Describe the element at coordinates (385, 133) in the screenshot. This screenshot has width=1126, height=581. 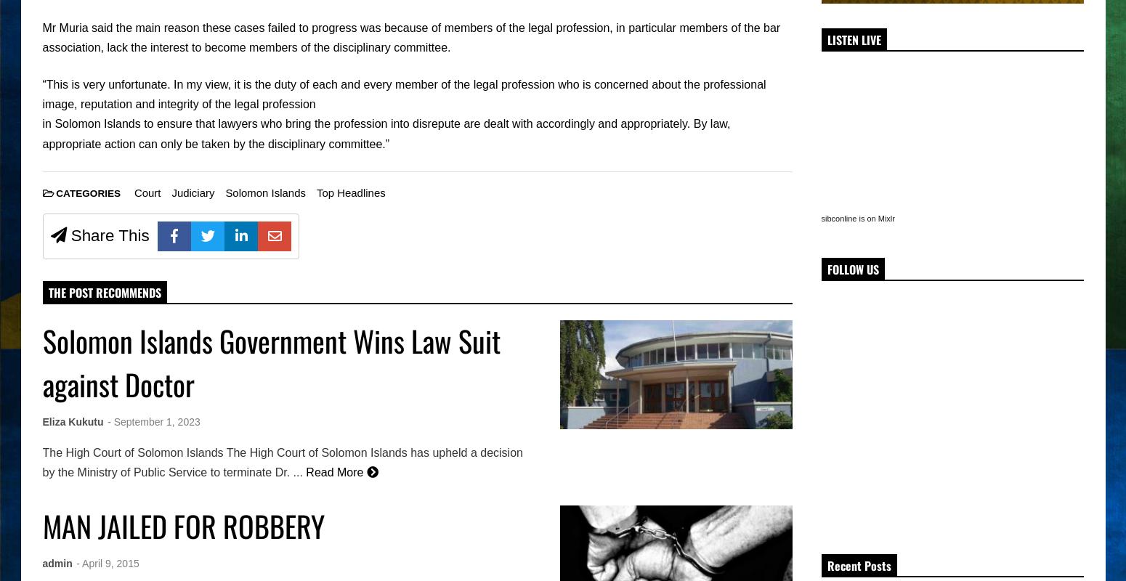
I see `'in Solomon Islands to ensure that lawyers who bring the profession into disrepute are dealt with accordingly and appropriately. By law, appropriate action can only be taken by the disciplinary committee.”'` at that location.